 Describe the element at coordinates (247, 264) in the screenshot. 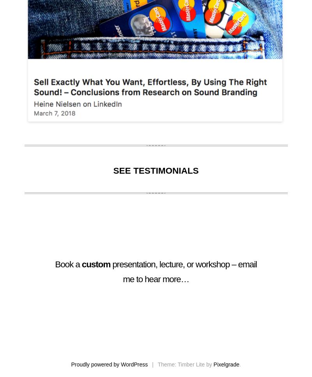

I see `'email'` at that location.